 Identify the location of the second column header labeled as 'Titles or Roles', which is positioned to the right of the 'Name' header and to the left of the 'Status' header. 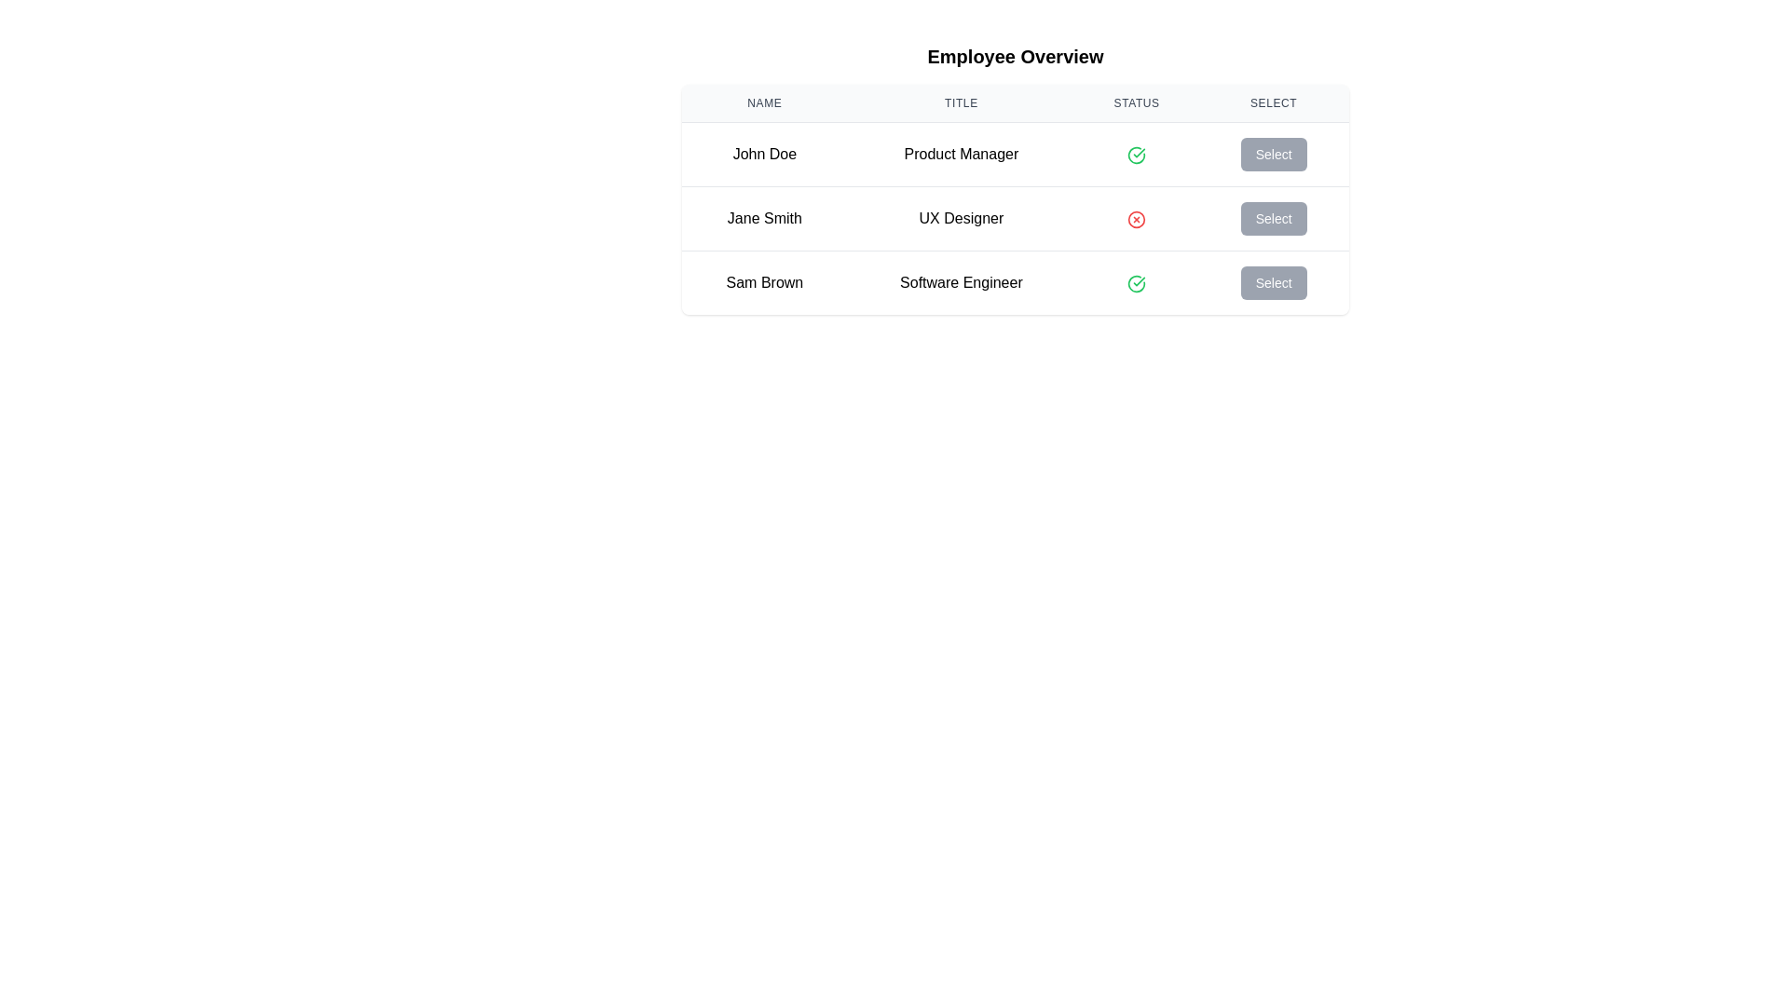
(962, 103).